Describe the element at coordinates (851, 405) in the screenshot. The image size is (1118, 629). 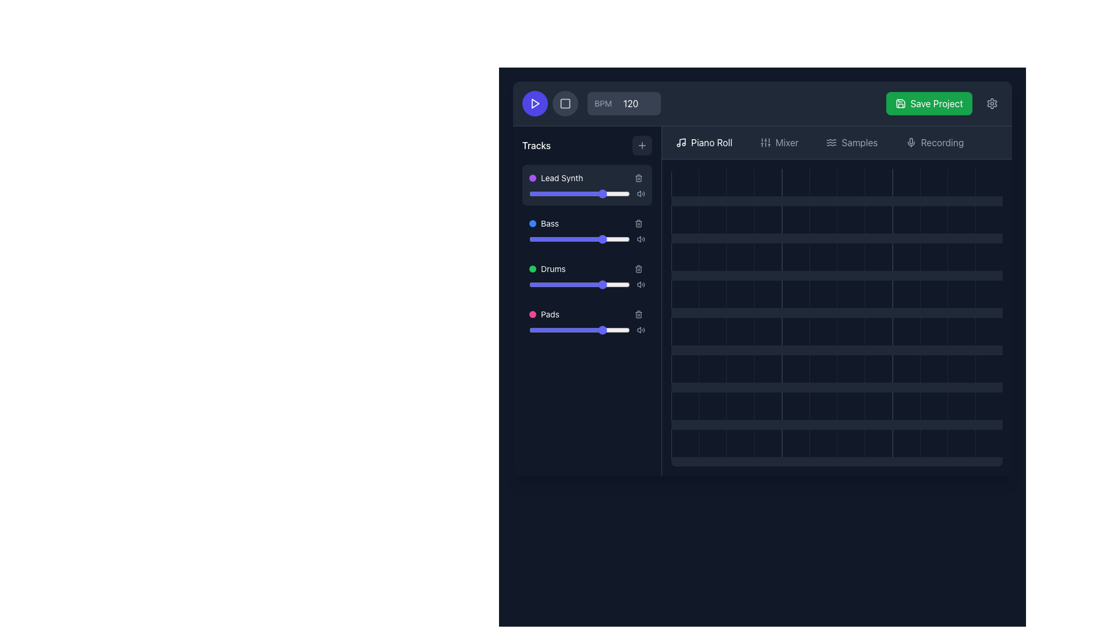
I see `the grid cell located in the 6th column and 7th row, which has a dark gray background and a hover effect that lightens its color` at that location.